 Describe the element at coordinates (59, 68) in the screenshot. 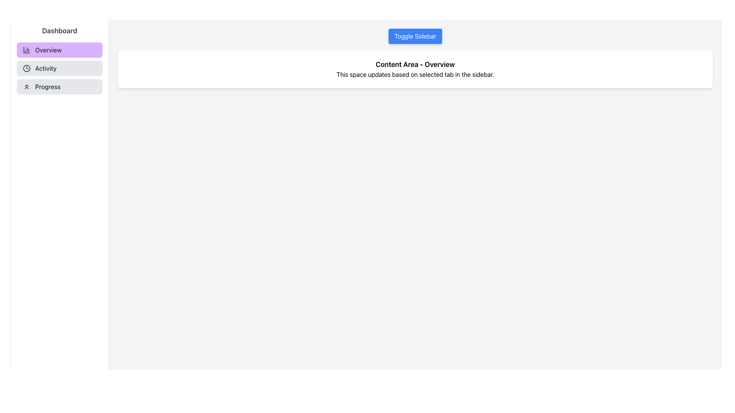

I see `the 'Activity' button` at that location.